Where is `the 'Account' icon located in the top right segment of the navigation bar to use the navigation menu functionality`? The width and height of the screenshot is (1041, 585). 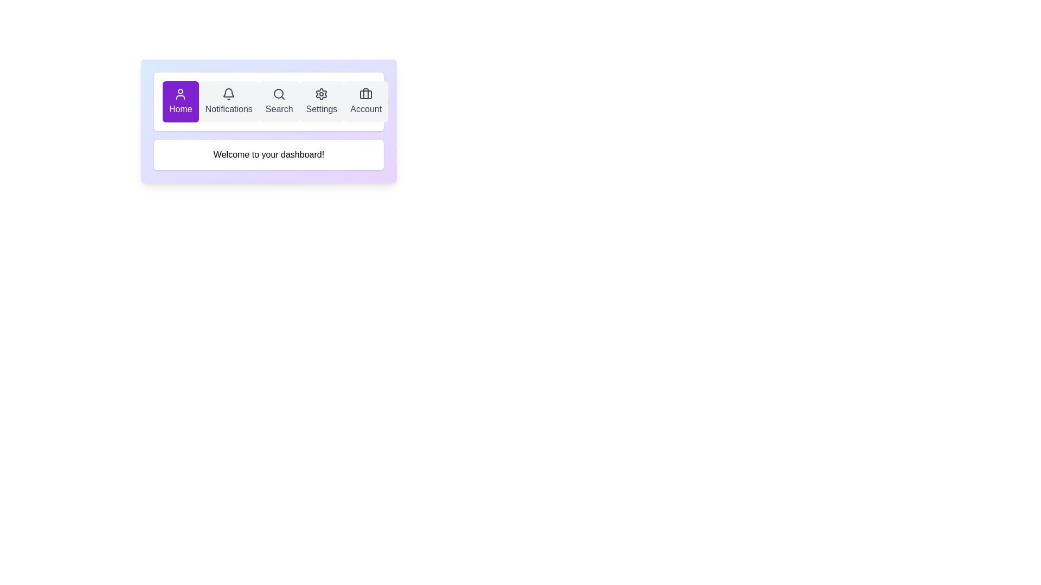
the 'Account' icon located in the top right segment of the navigation bar to use the navigation menu functionality is located at coordinates (366, 93).